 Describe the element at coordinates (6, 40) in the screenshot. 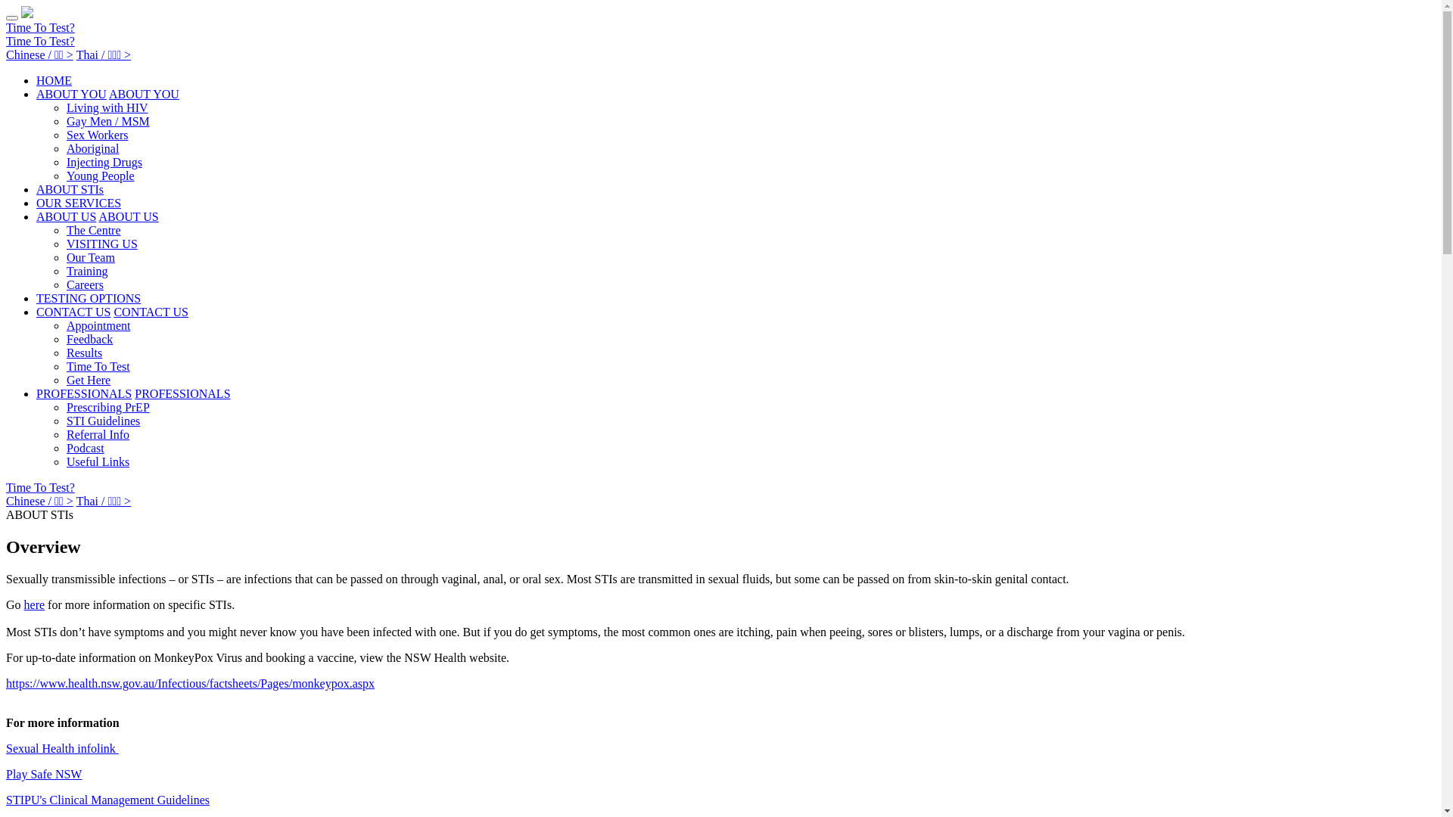

I see `'Time To Test?'` at that location.